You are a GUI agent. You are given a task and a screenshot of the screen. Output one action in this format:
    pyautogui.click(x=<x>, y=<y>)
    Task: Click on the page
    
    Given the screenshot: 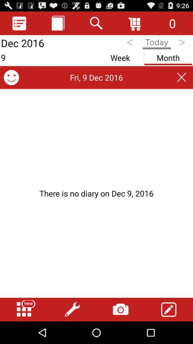 What is the action you would take?
    pyautogui.click(x=182, y=77)
    